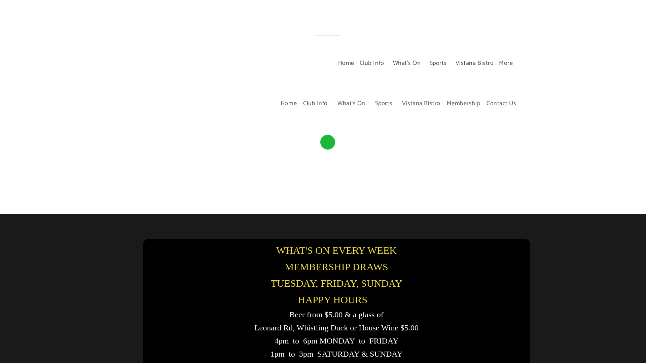  I want to click on 'Sports', so click(424, 63).